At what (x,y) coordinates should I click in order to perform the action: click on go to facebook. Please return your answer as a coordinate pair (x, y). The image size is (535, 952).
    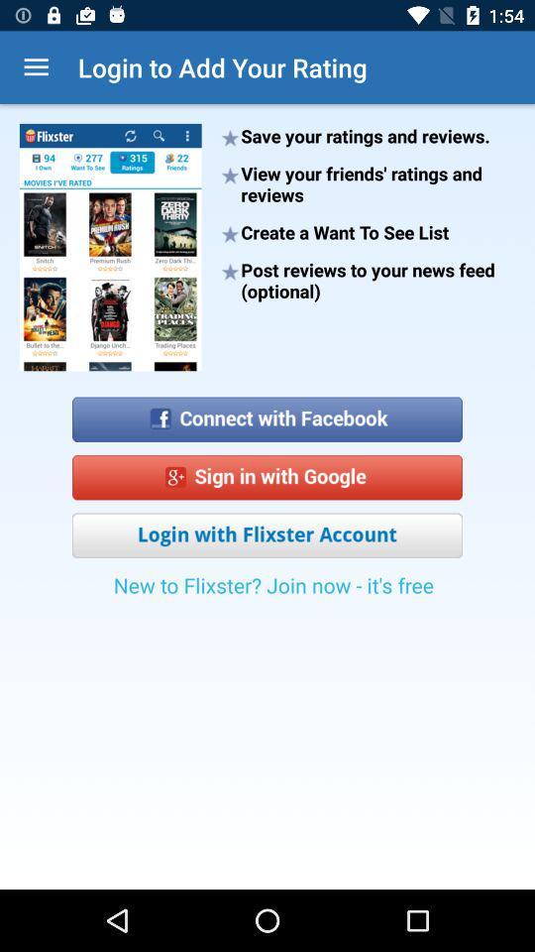
    Looking at the image, I should click on (267, 412).